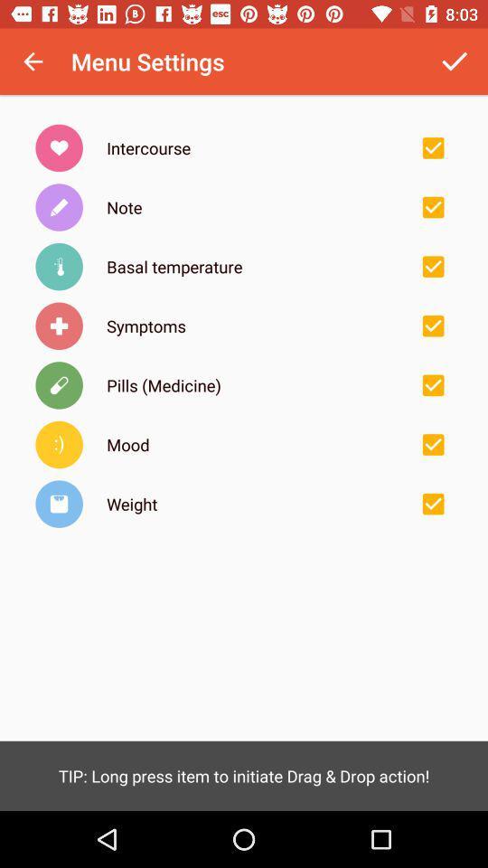 The height and width of the screenshot is (868, 488). What do you see at coordinates (432, 146) in the screenshot?
I see `check intercourse box` at bounding box center [432, 146].